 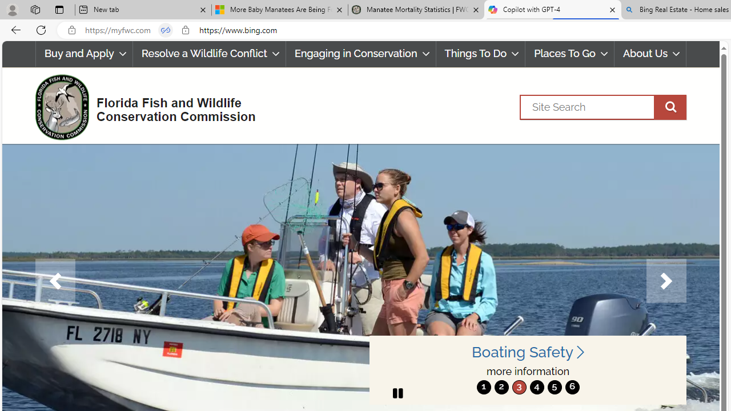 I want to click on 'Resolve a Wildlife Conflict', so click(x=209, y=54).